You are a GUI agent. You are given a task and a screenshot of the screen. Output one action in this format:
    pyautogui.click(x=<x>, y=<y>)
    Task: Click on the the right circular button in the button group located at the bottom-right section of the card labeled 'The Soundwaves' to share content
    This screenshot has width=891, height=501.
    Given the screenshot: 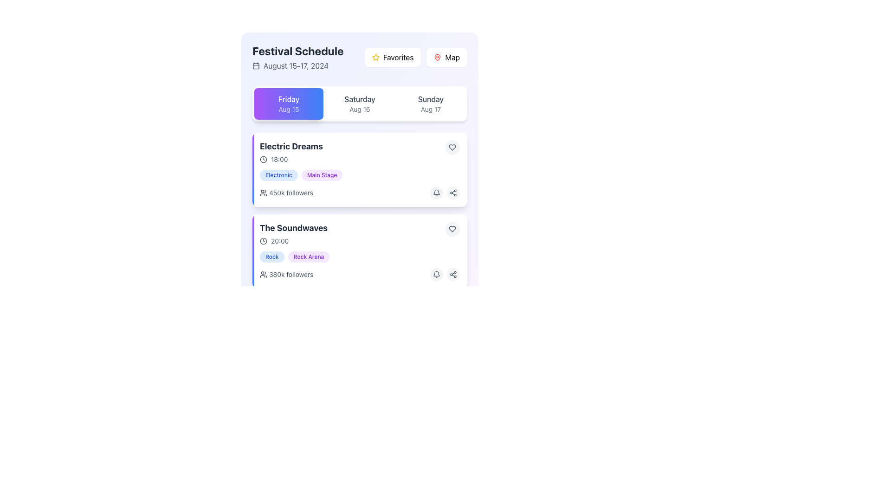 What is the action you would take?
    pyautogui.click(x=445, y=274)
    